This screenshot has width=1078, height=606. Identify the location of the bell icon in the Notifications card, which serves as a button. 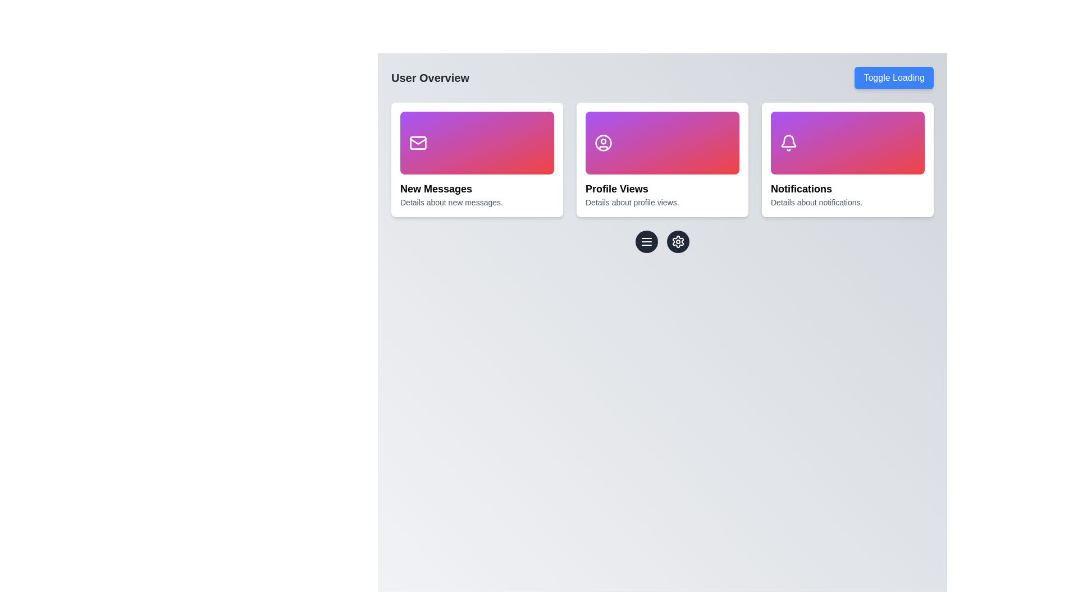
(788, 142).